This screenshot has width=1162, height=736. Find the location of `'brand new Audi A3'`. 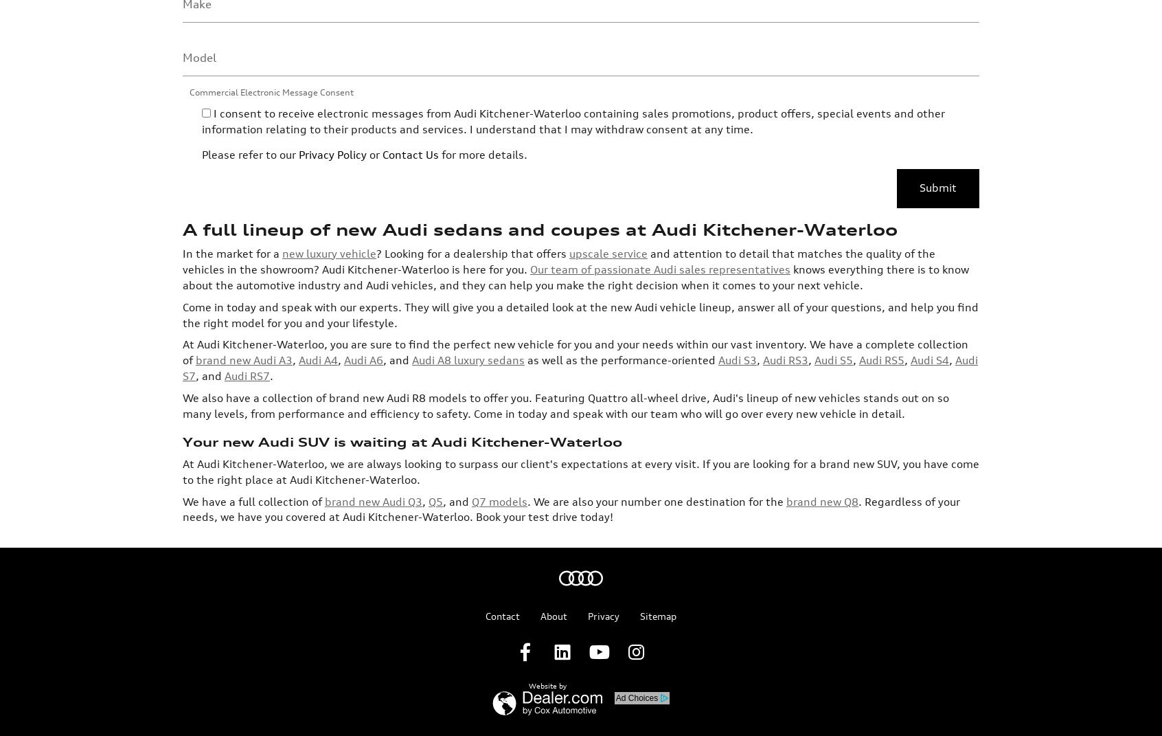

'brand new Audi A3' is located at coordinates (244, 248).